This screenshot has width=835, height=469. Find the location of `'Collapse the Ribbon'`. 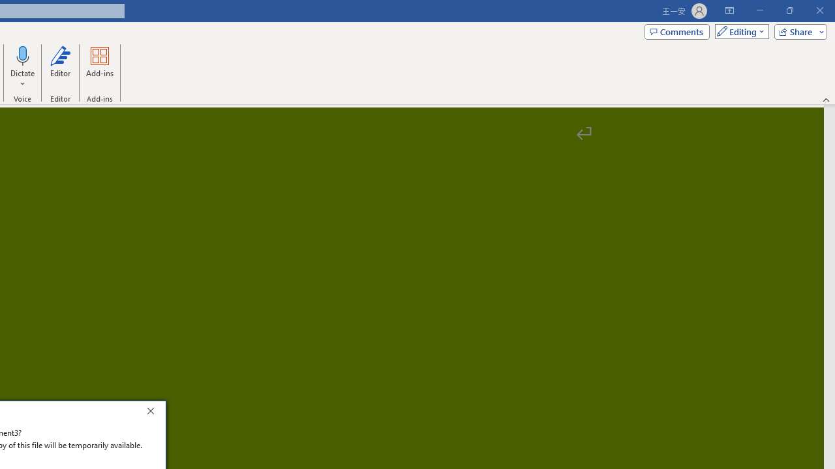

'Collapse the Ribbon' is located at coordinates (826, 99).